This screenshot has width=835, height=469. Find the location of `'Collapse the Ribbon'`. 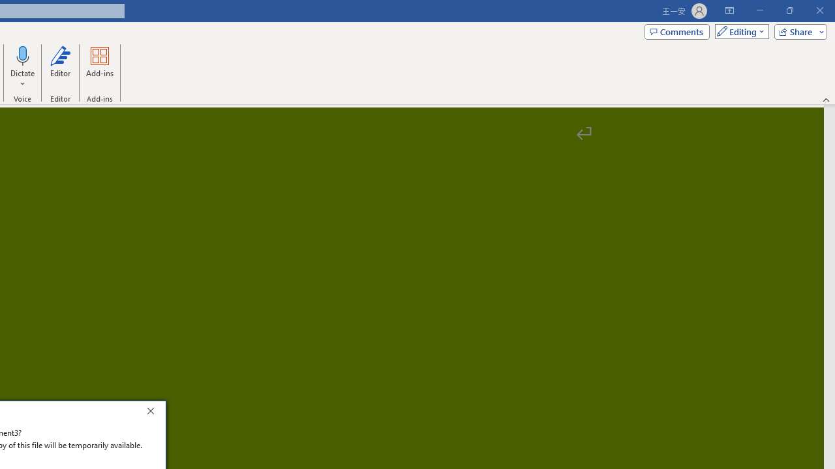

'Collapse the Ribbon' is located at coordinates (826, 99).